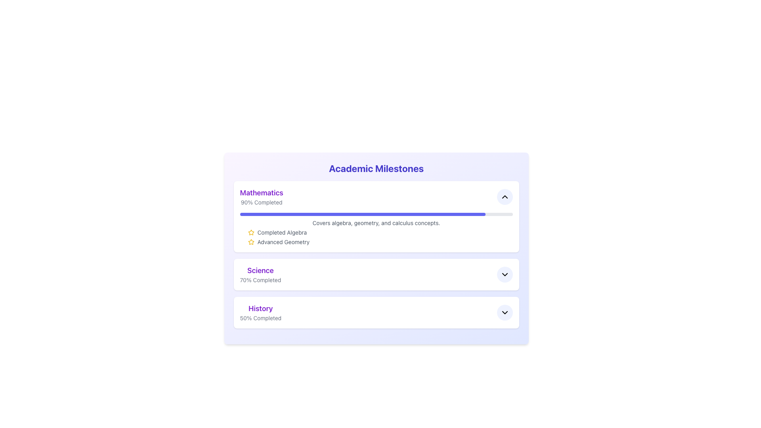 The height and width of the screenshot is (428, 761). Describe the element at coordinates (504, 197) in the screenshot. I see `the circular button with a soft indigo background and a black chevron icon, located to the right of the 'Mathematics 90% Completed' text` at that location.